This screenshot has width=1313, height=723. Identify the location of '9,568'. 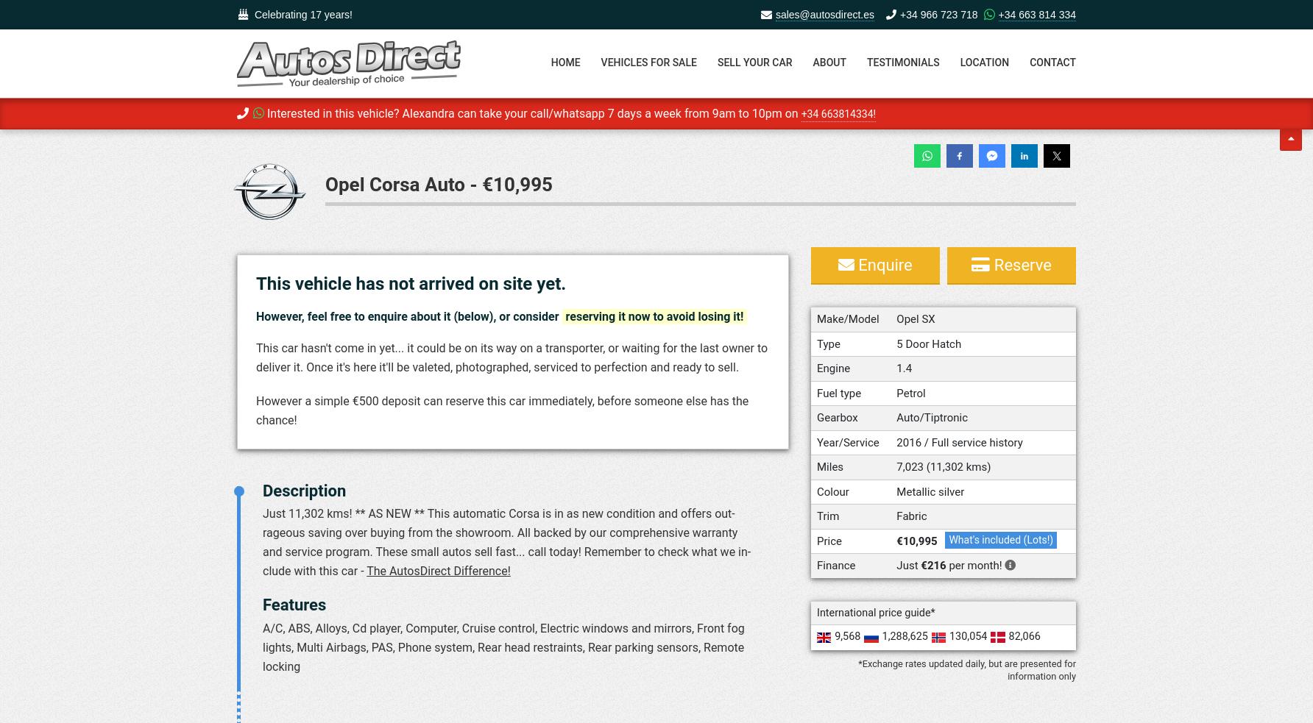
(847, 636).